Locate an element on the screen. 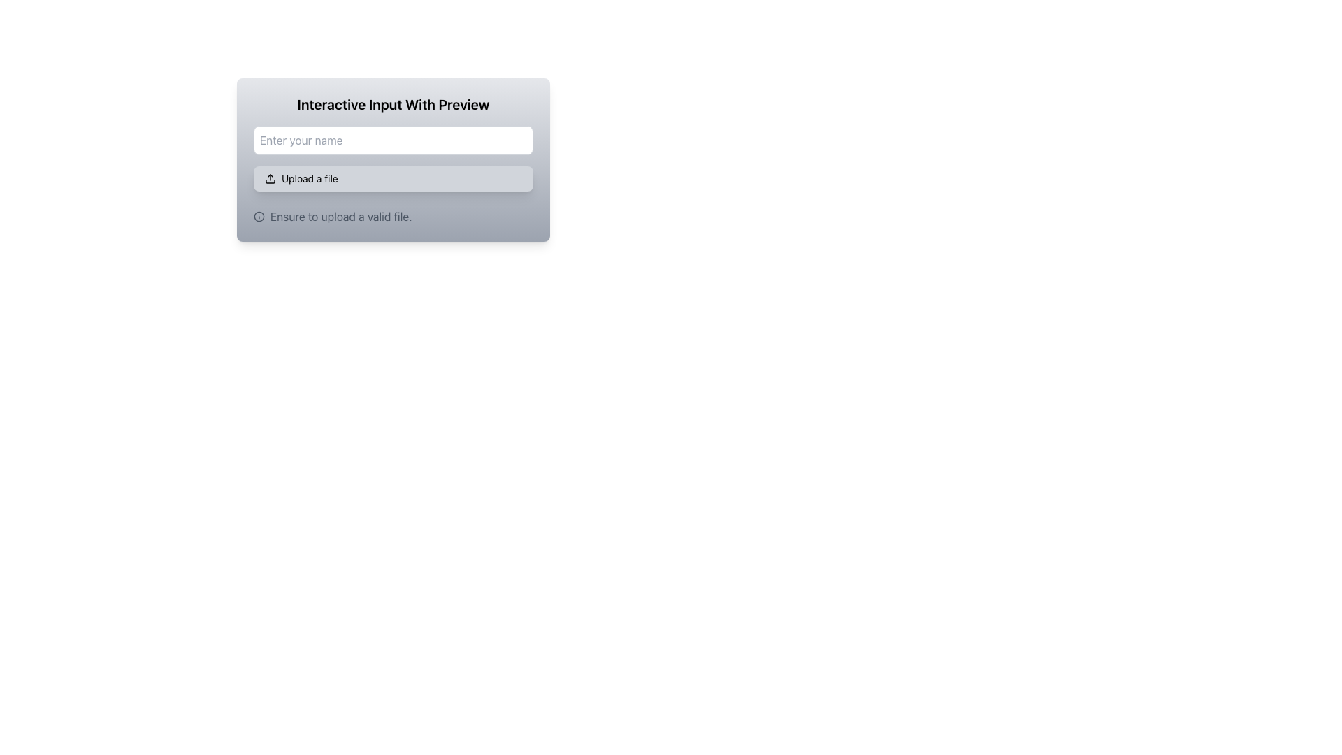  the upload icon, which is a small SVG graphic depicting an upward arrow, located within the 'Upload a file' button component is located at coordinates (270, 178).